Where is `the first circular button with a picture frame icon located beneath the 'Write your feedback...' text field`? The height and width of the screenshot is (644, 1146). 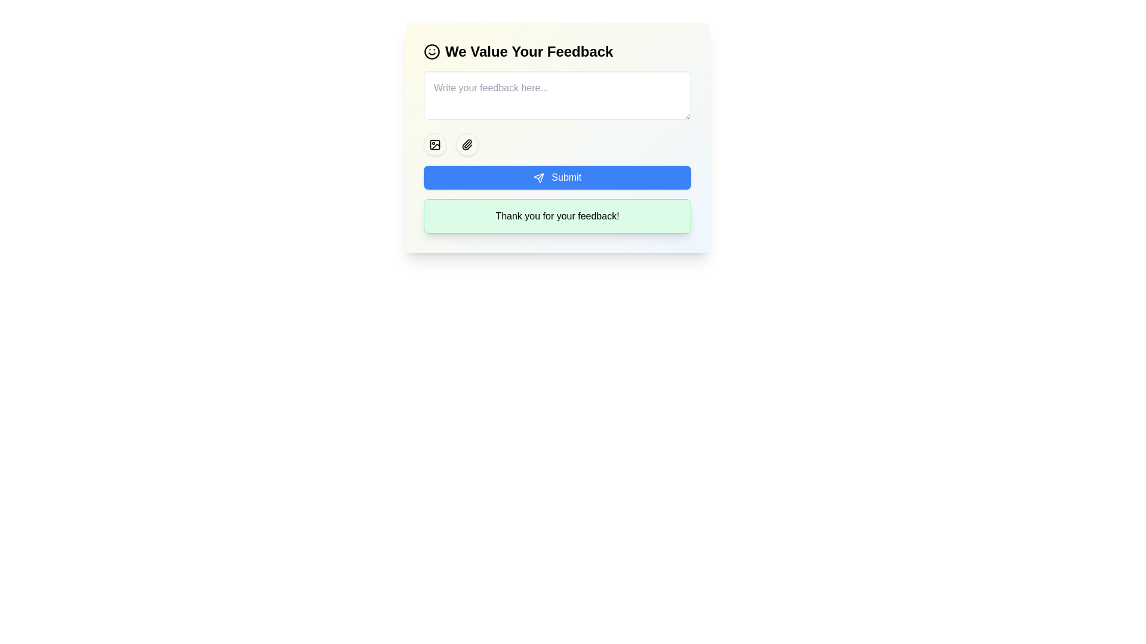
the first circular button with a picture frame icon located beneath the 'Write your feedback...' text field is located at coordinates (435, 144).